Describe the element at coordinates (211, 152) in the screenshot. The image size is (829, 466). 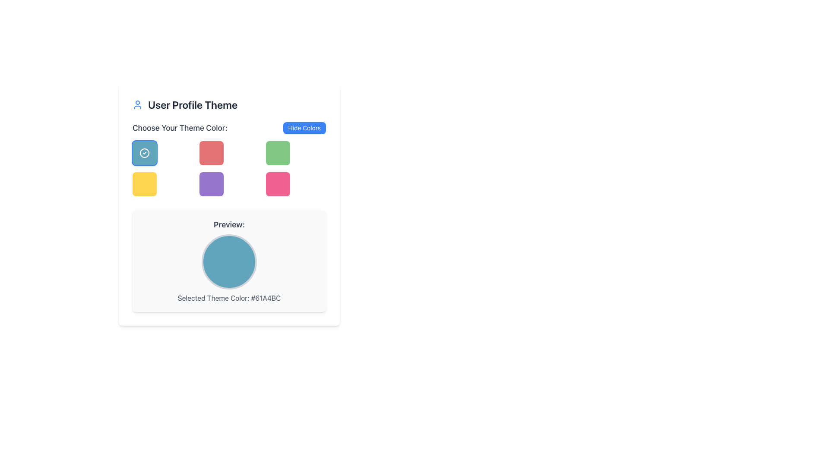
I see `the button located in the 'Choose Your Theme Color' grid, positioned in the second column, first row` at that location.